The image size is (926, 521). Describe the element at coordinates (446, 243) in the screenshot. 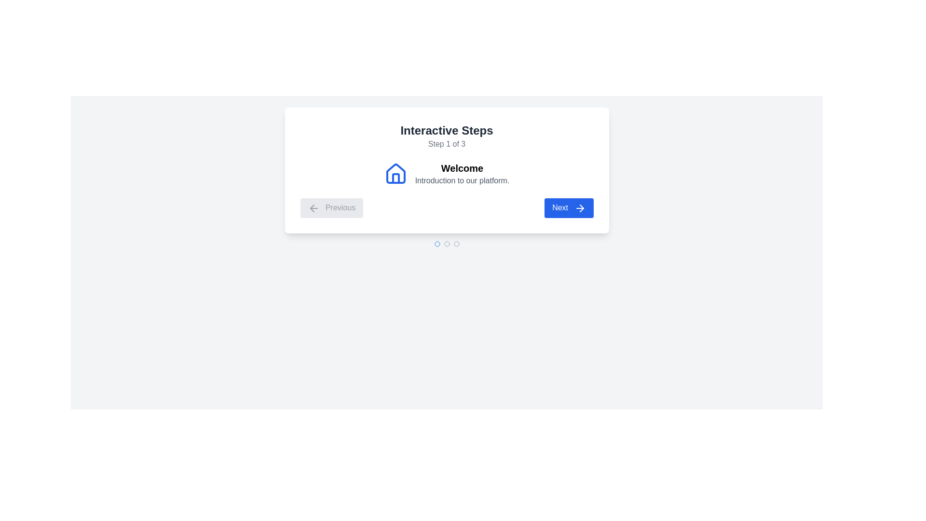

I see `the second navigation step indicator circle, which is a dark gray circle surrounded by a light gray outline, positioned at the bottom center of the interface` at that location.